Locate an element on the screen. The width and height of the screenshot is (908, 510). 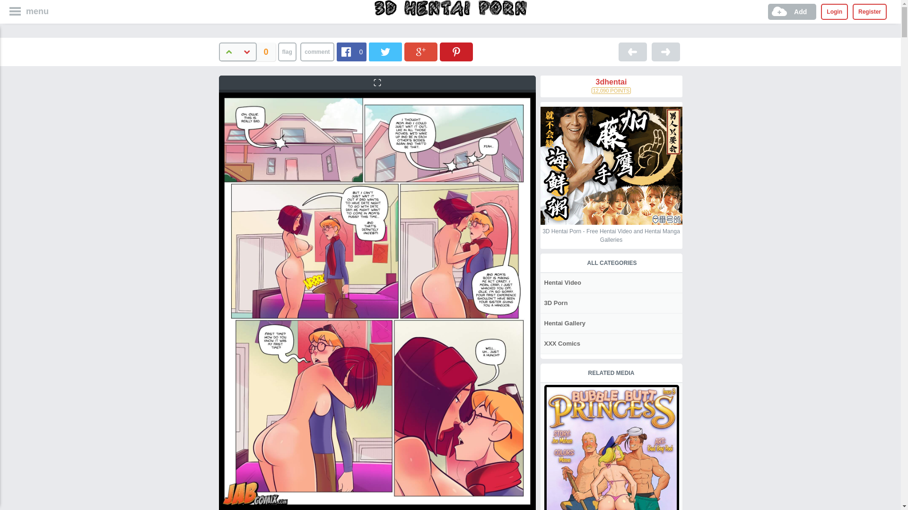
'3D Porn' is located at coordinates (555, 303).